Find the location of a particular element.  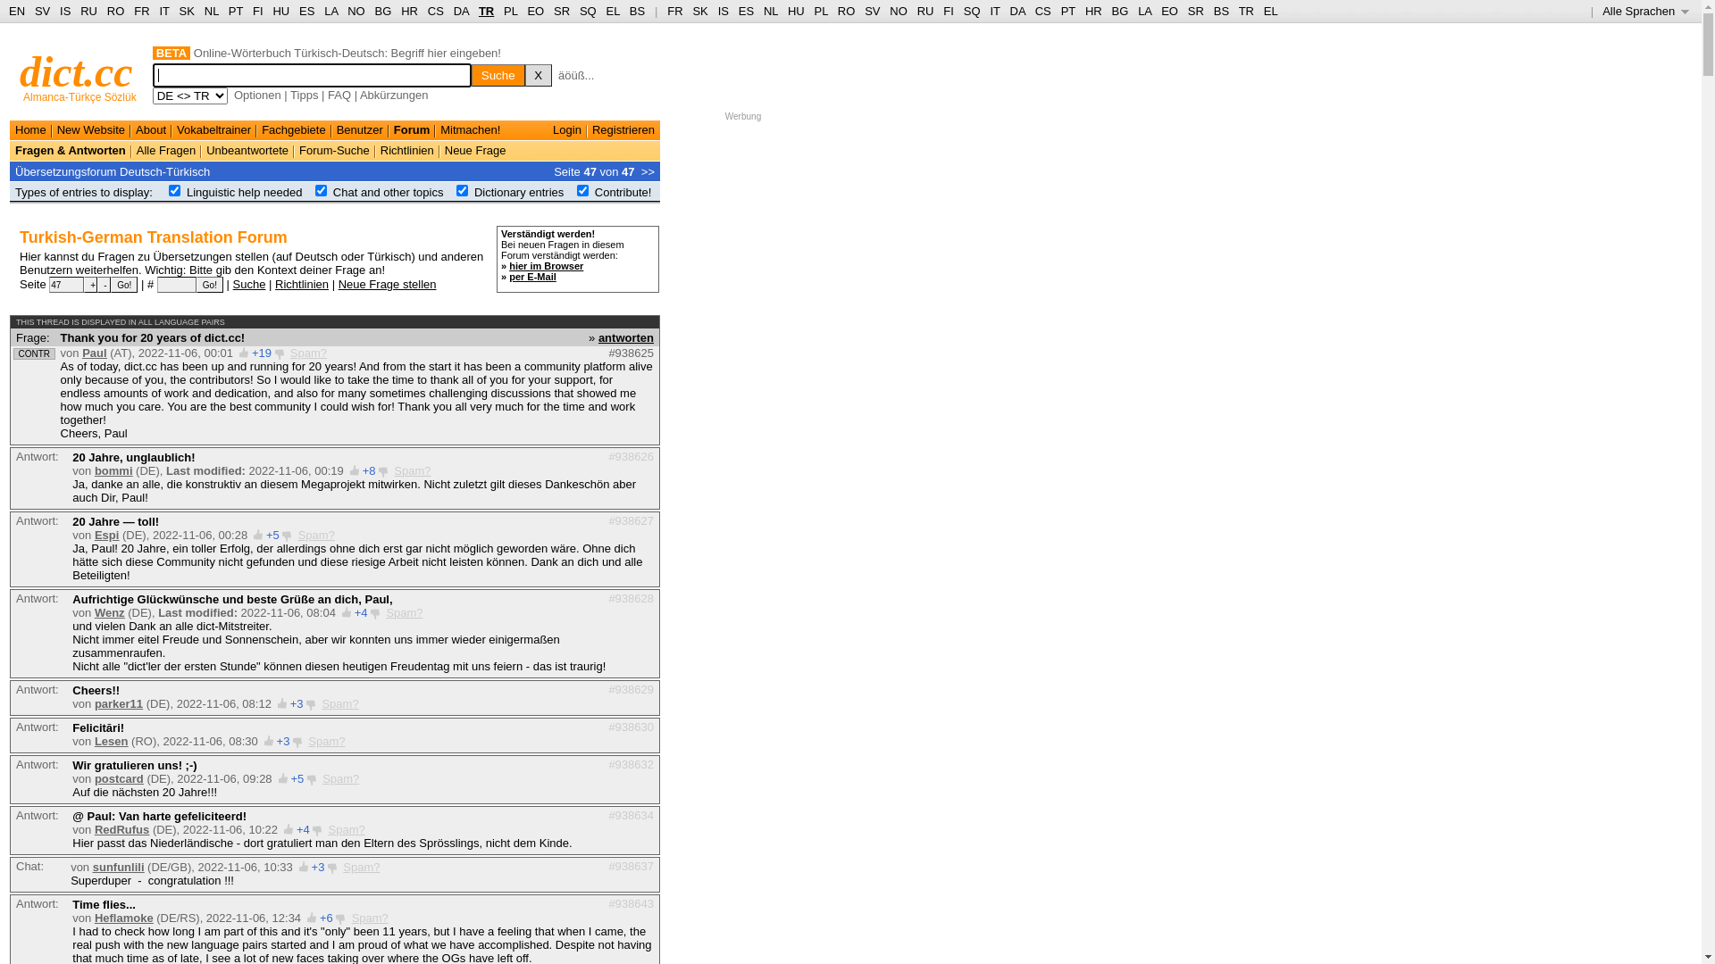

'FR' is located at coordinates (132, 11).